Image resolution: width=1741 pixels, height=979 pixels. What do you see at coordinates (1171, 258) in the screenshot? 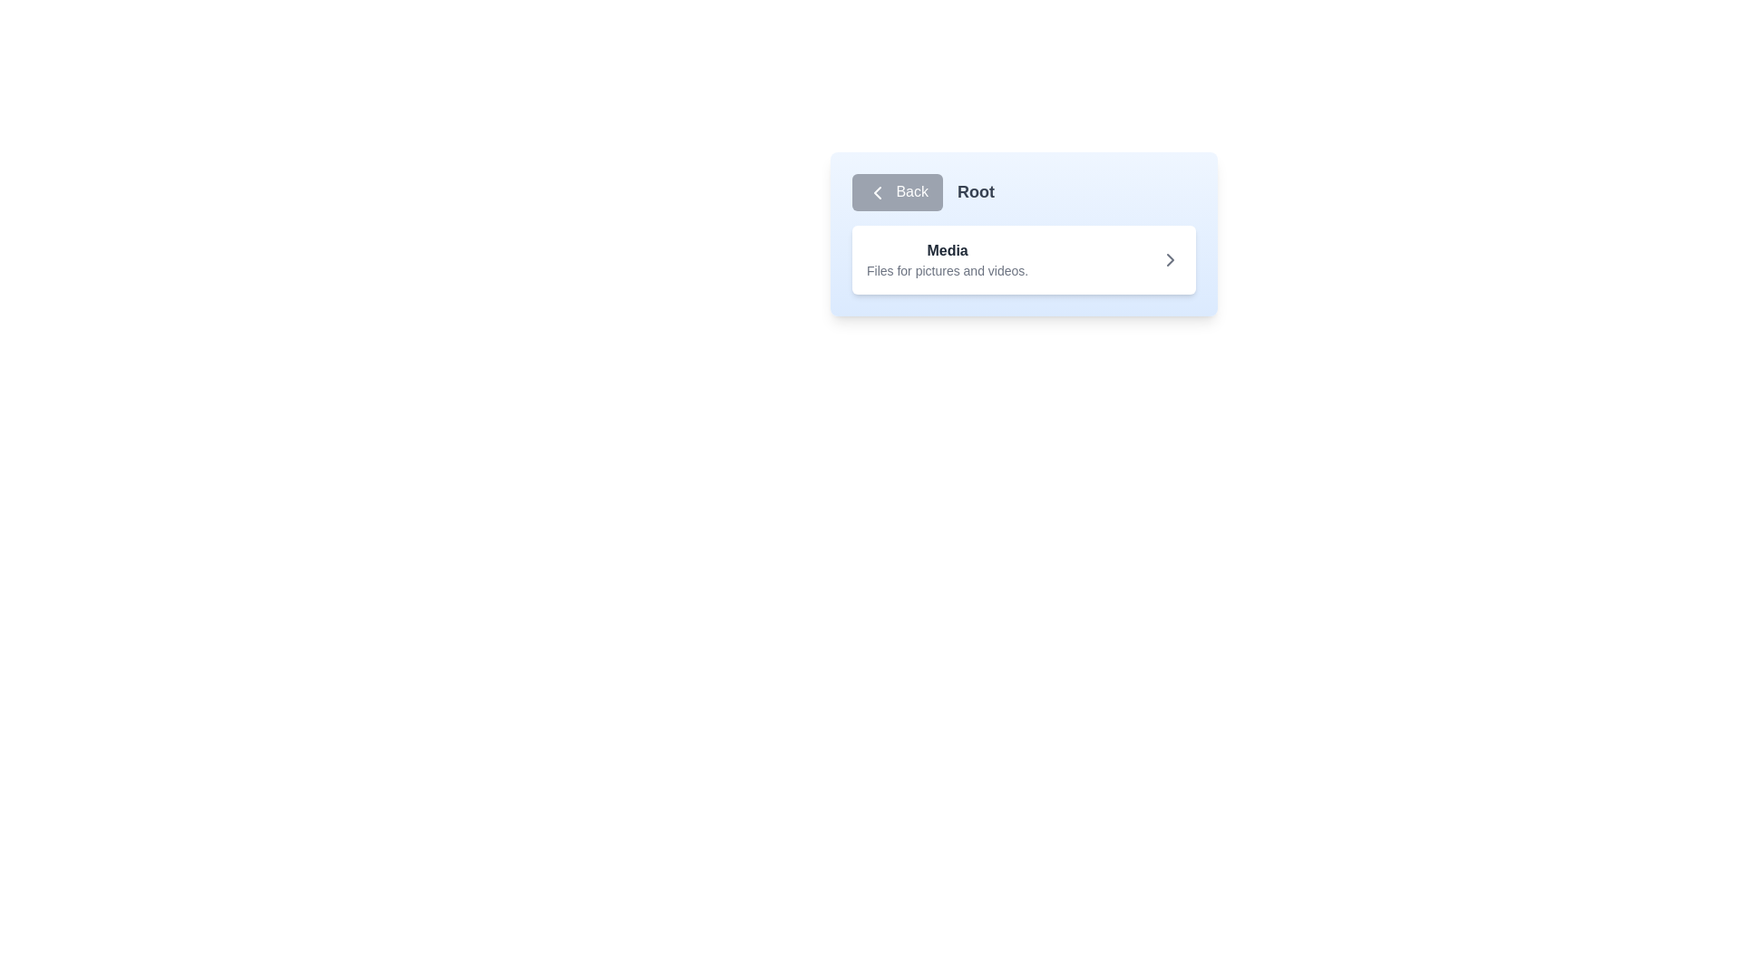
I see `the rightward chevron icon styled in gray, located at the far-right side of the card labeled 'Media Files for pictures and videos.'` at bounding box center [1171, 258].